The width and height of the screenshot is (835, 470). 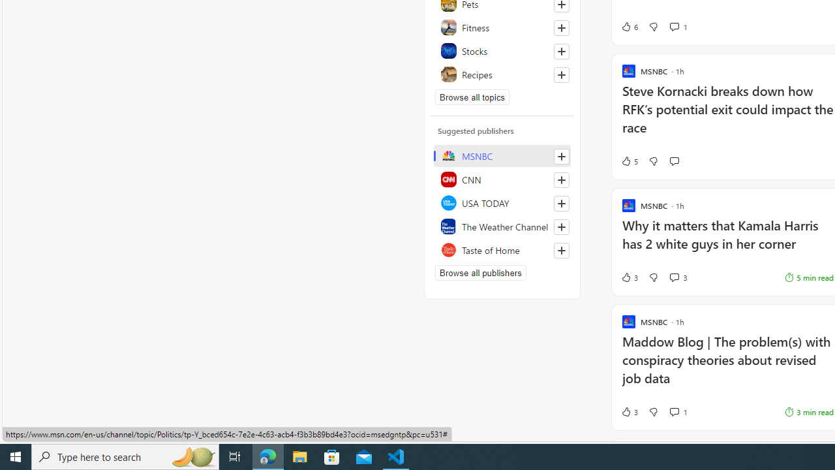 What do you see at coordinates (653, 412) in the screenshot?
I see `'Dislike'` at bounding box center [653, 412].